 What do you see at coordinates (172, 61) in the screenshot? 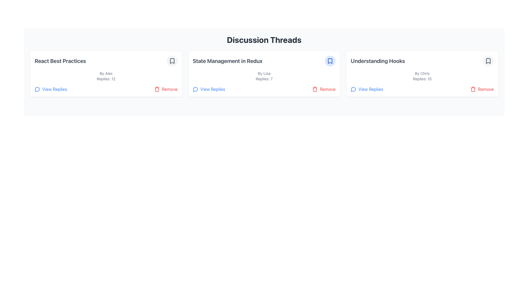
I see `the bookmark icon located in the top-right corner of the discussion thread titled 'React Best Practices'` at bounding box center [172, 61].